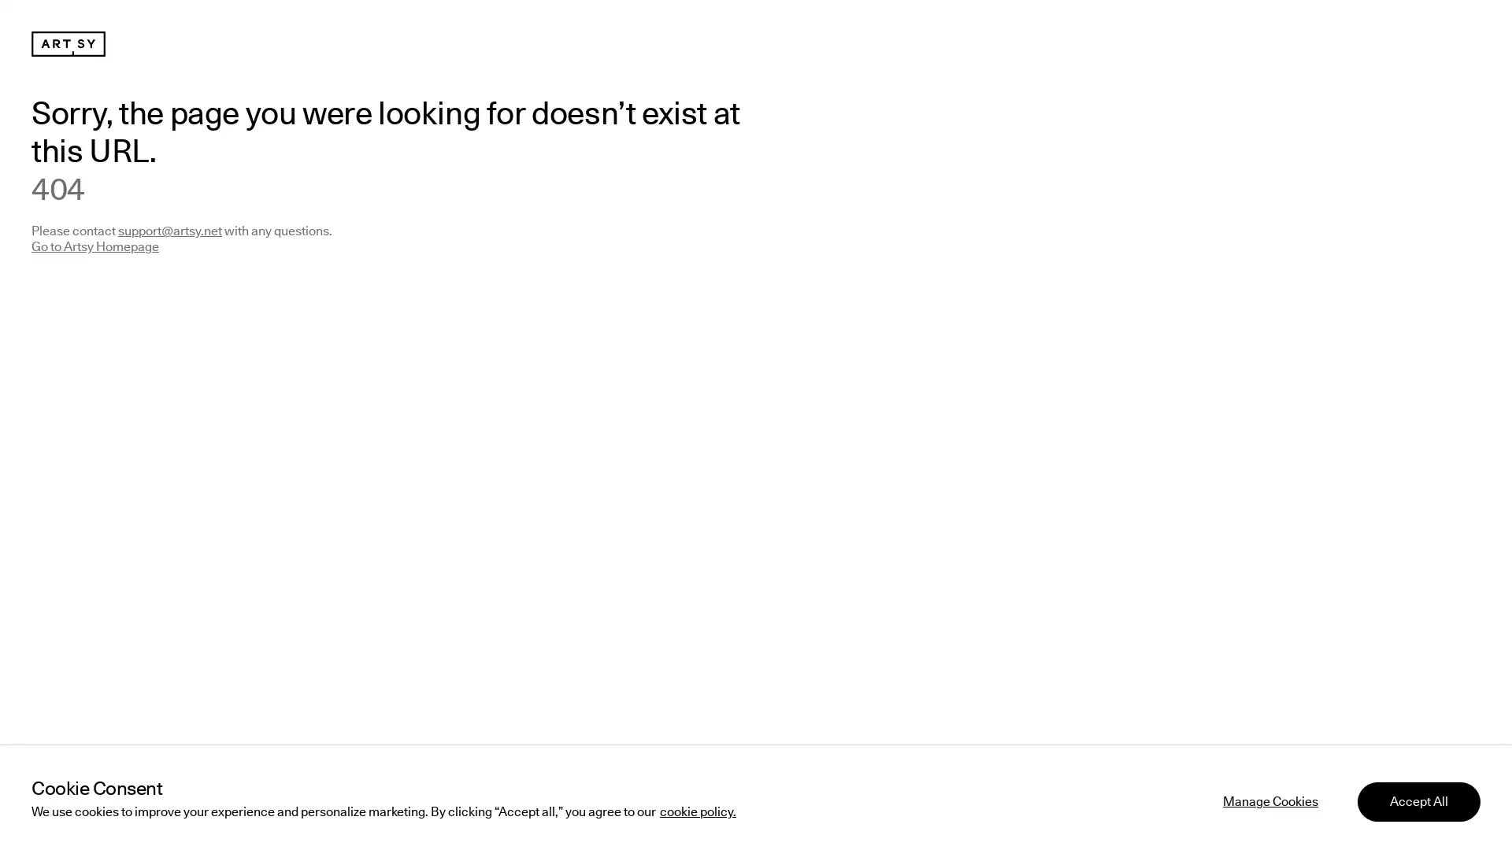 This screenshot has width=1512, height=850. What do you see at coordinates (1270, 798) in the screenshot?
I see `Manage Cookies` at bounding box center [1270, 798].